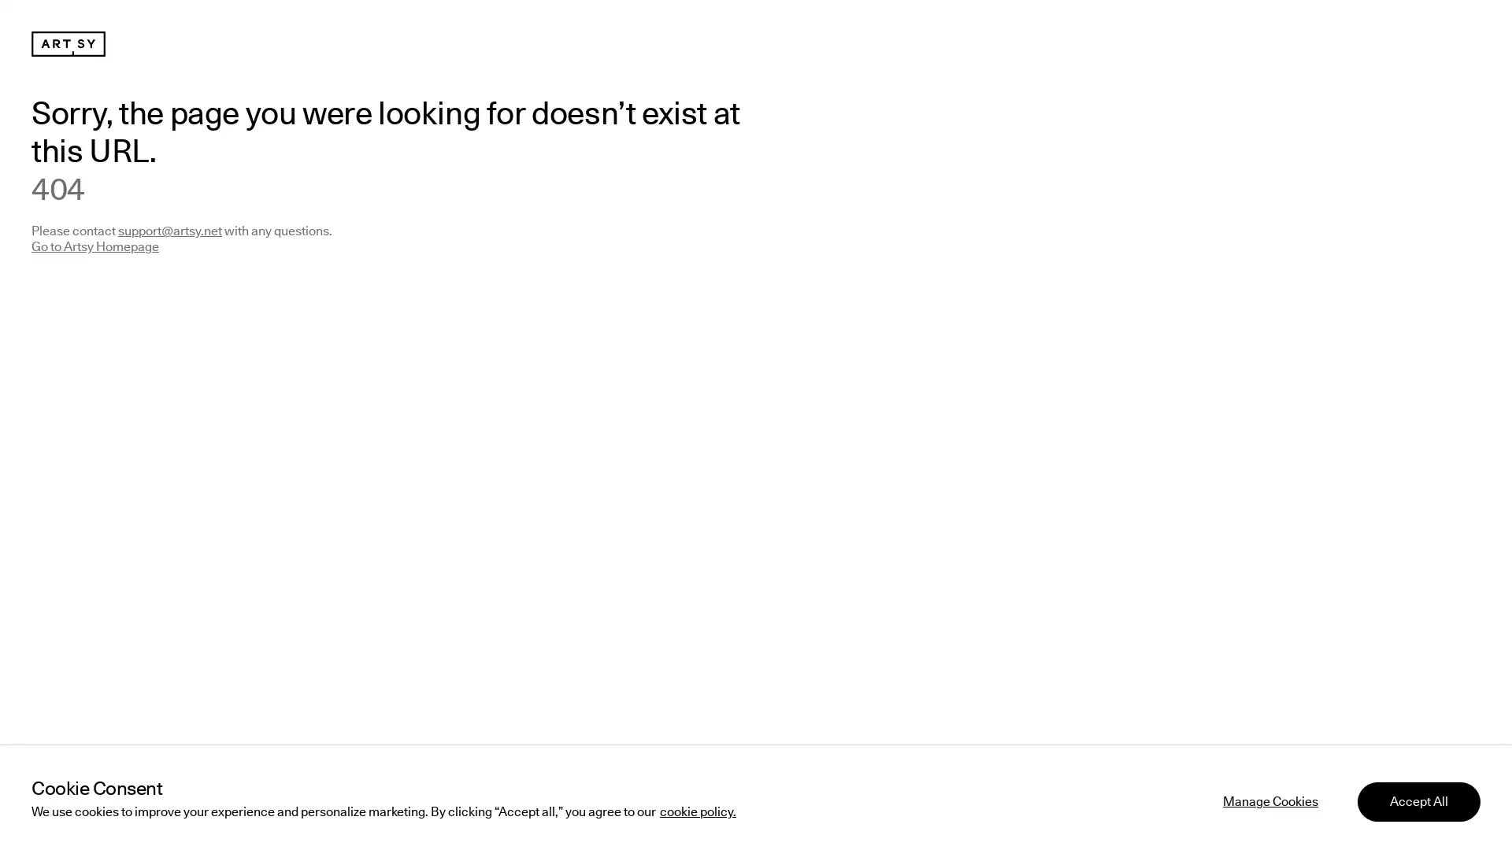 This screenshot has width=1512, height=850. What do you see at coordinates (1270, 798) in the screenshot?
I see `Manage Cookies` at bounding box center [1270, 798].